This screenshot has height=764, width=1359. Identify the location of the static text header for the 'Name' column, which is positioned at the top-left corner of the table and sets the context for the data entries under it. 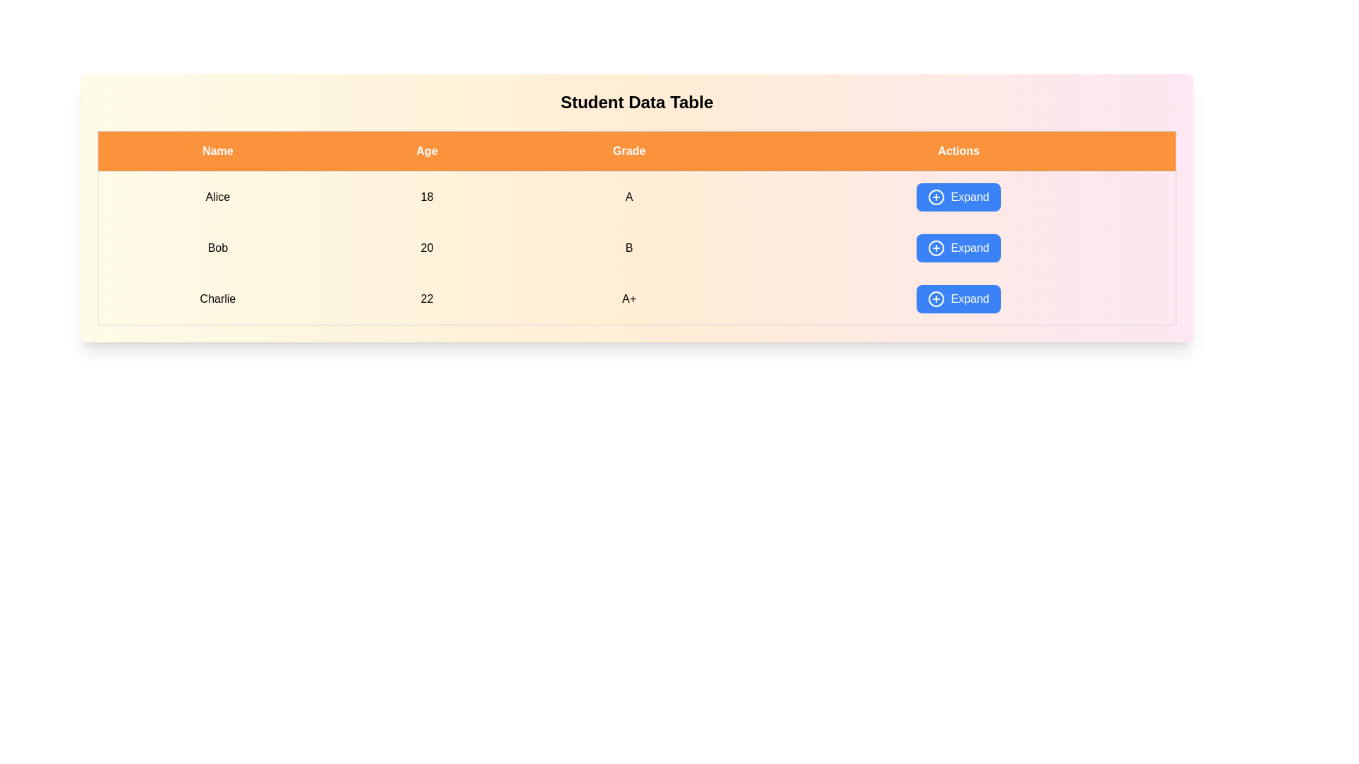
(217, 151).